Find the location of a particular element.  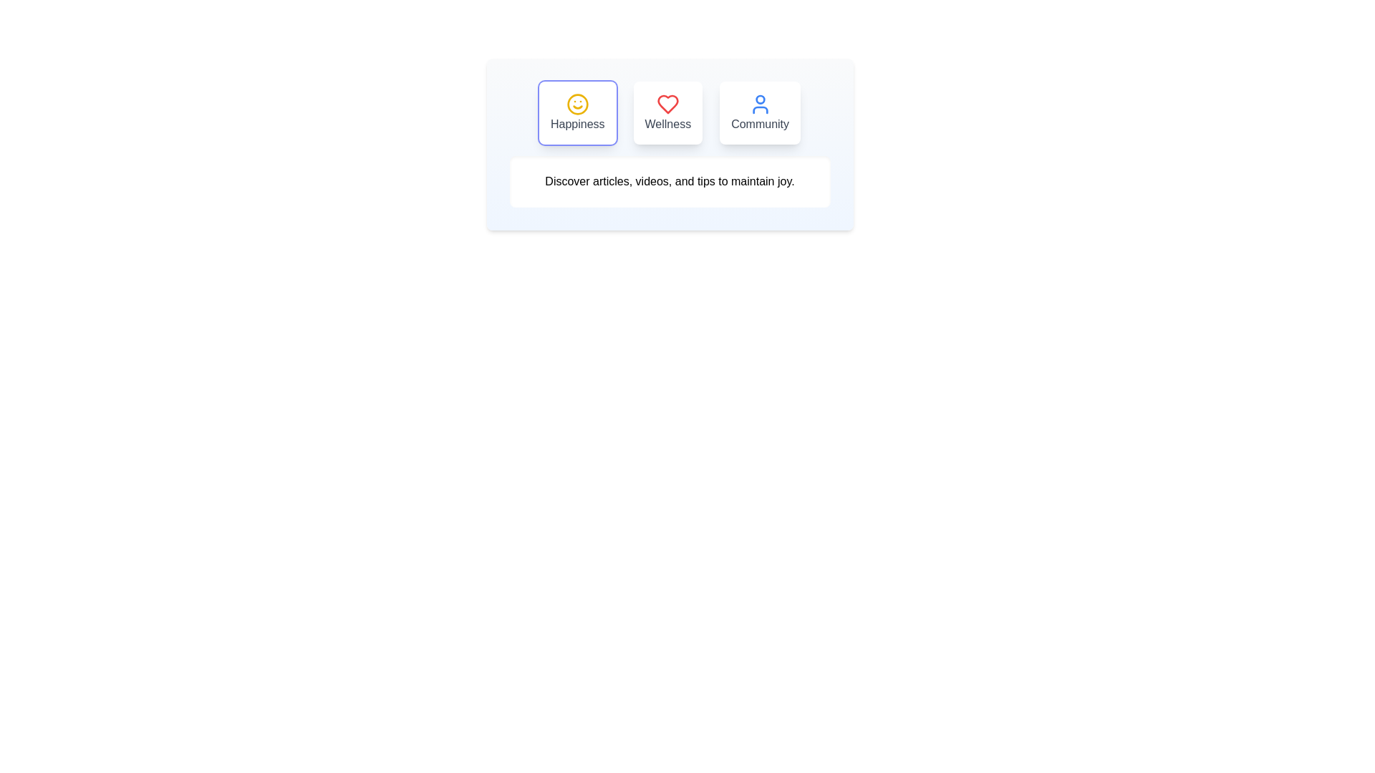

the tab labeled Happiness to observe its hover effect is located at coordinates (577, 112).